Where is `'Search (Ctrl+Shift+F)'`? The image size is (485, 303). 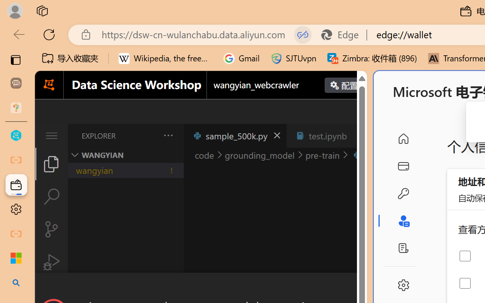 'Search (Ctrl+Shift+F)' is located at coordinates (51, 196).